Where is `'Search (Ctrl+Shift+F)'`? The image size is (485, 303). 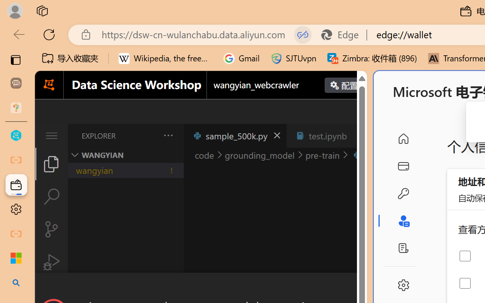 'Search (Ctrl+Shift+F)' is located at coordinates (51, 196).